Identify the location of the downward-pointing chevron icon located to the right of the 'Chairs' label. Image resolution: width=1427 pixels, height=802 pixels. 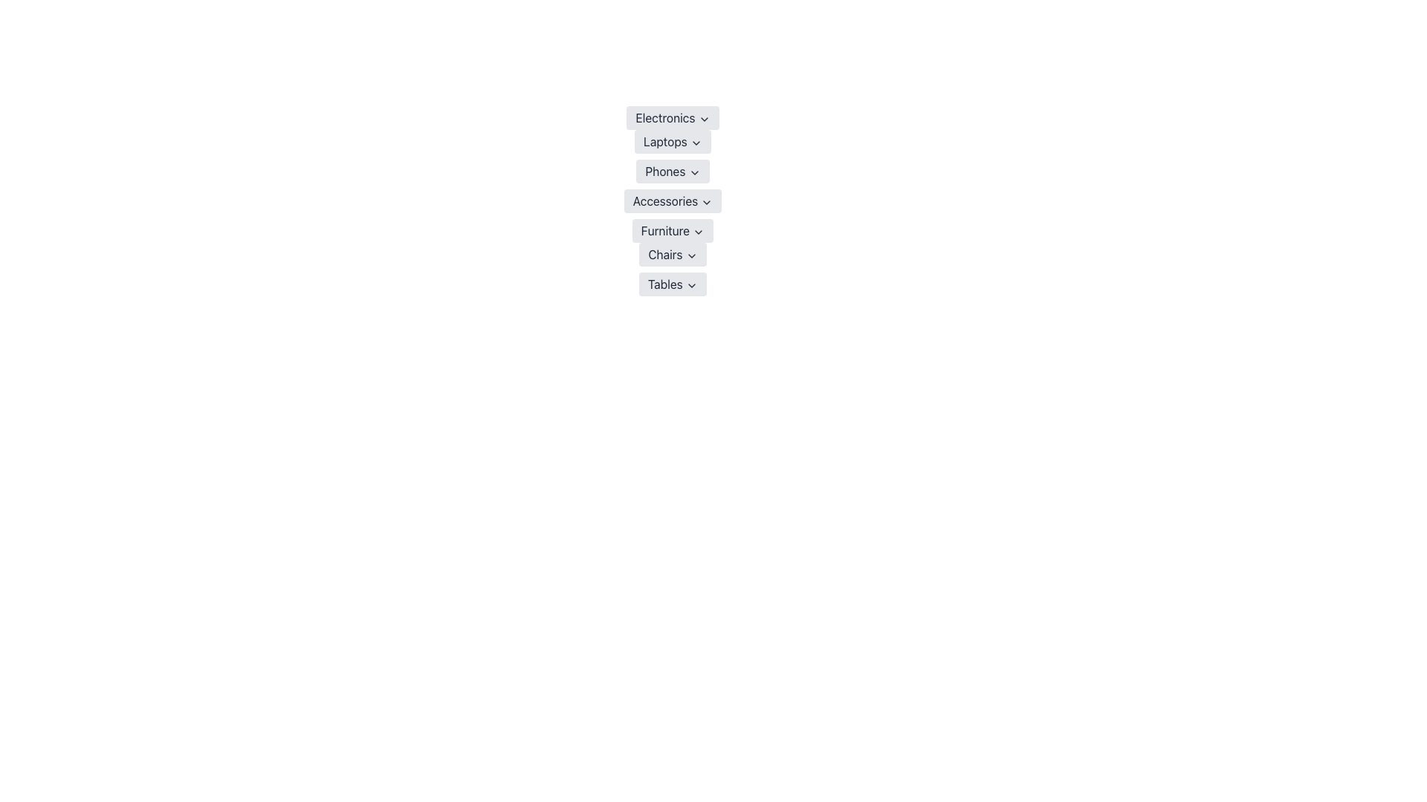
(690, 255).